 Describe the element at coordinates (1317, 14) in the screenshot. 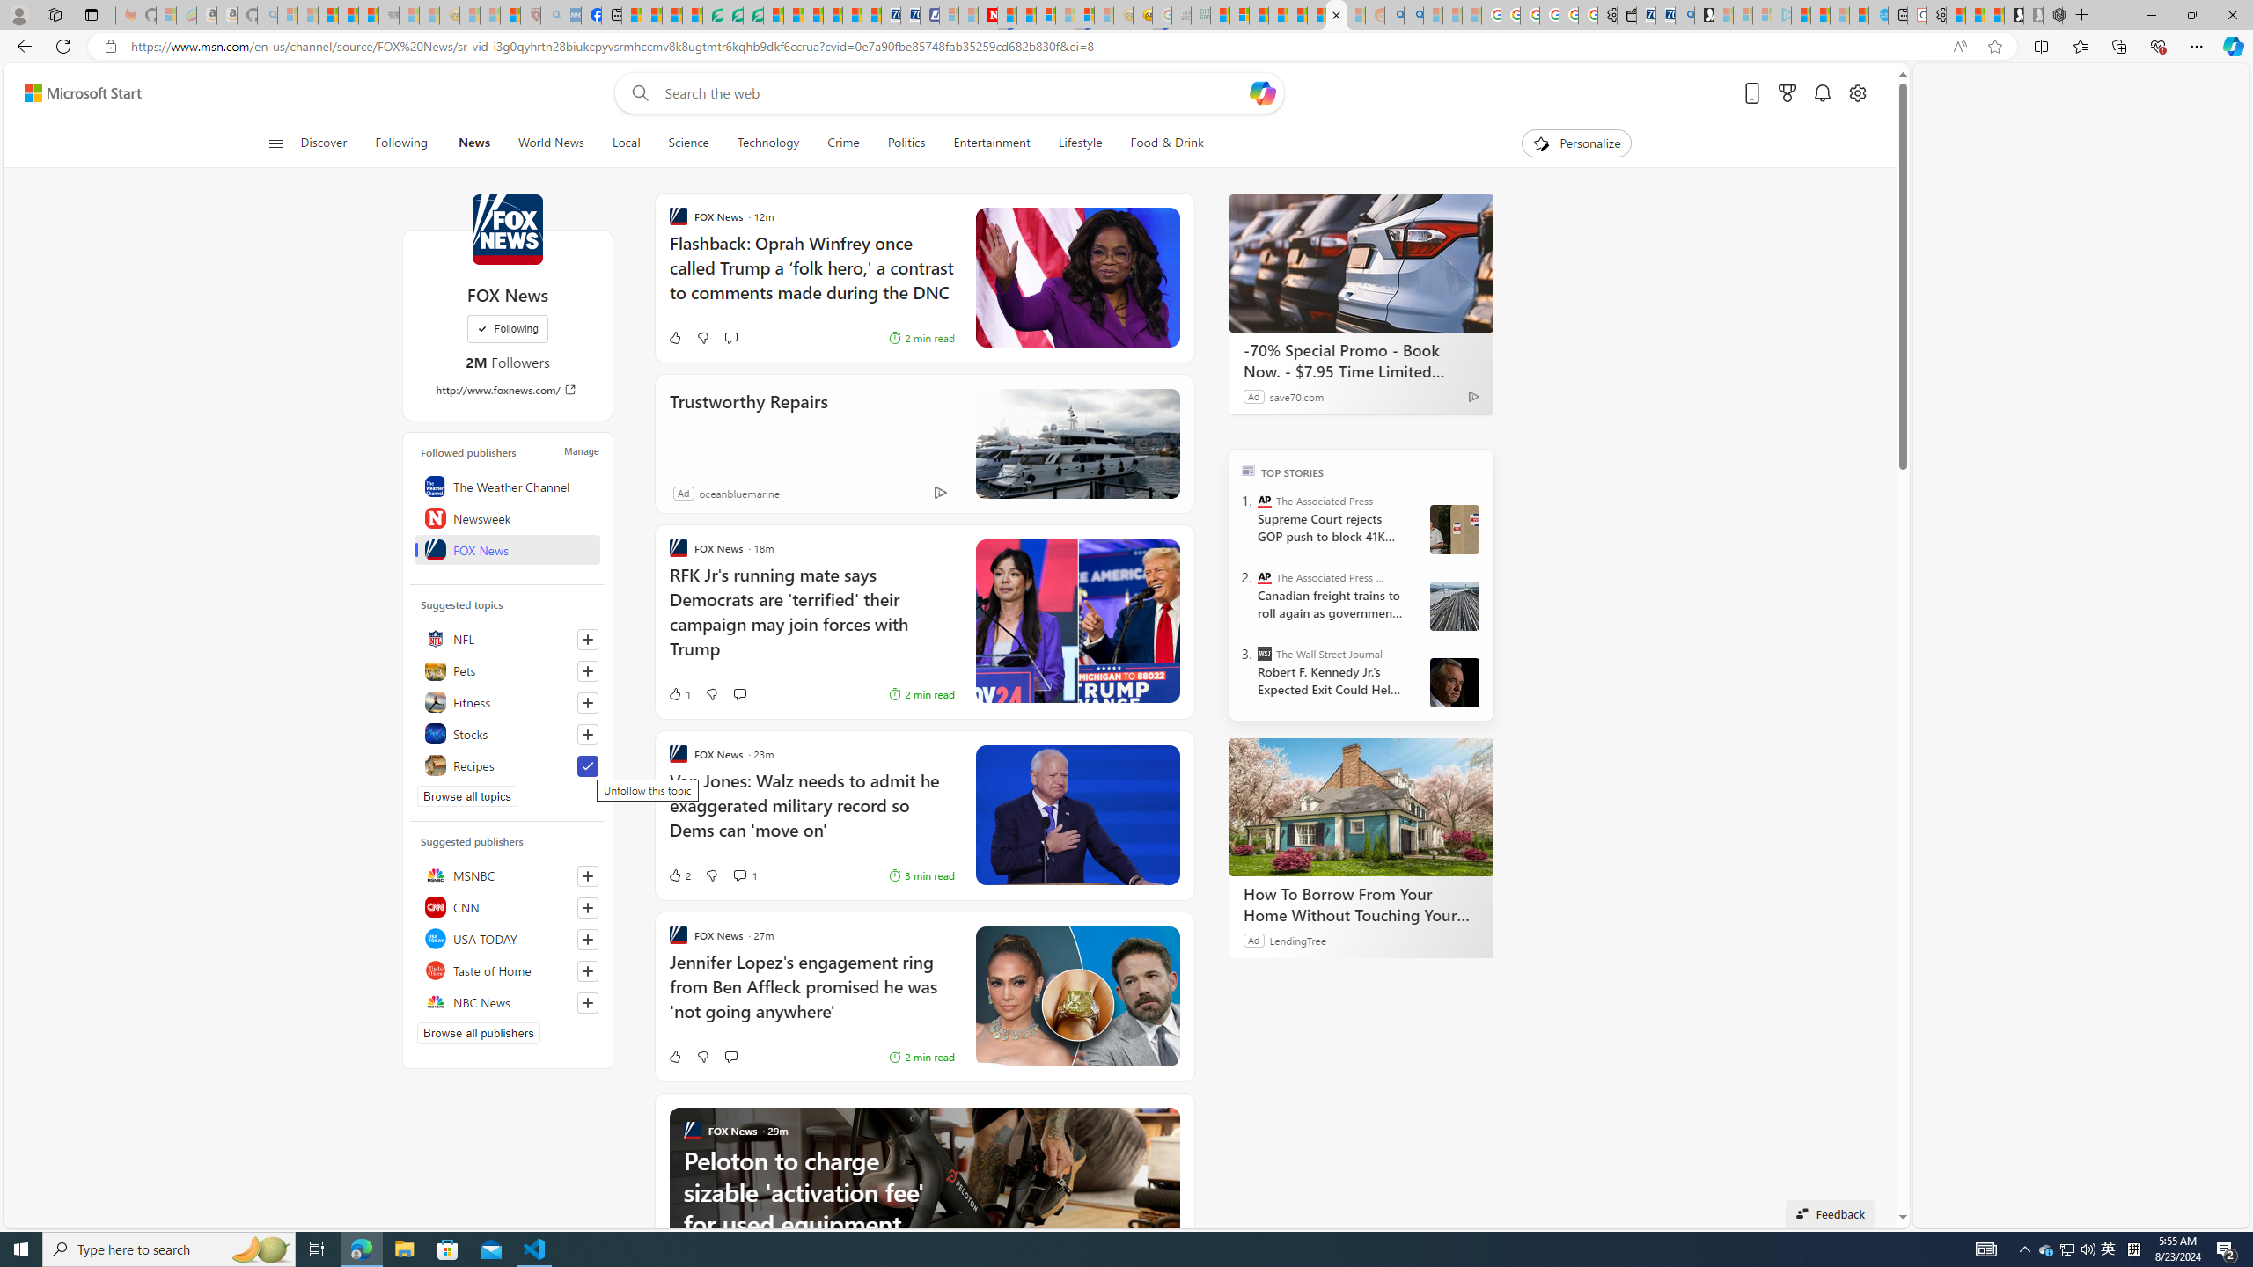

I see `'Kinda Frugal - MSN'` at that location.